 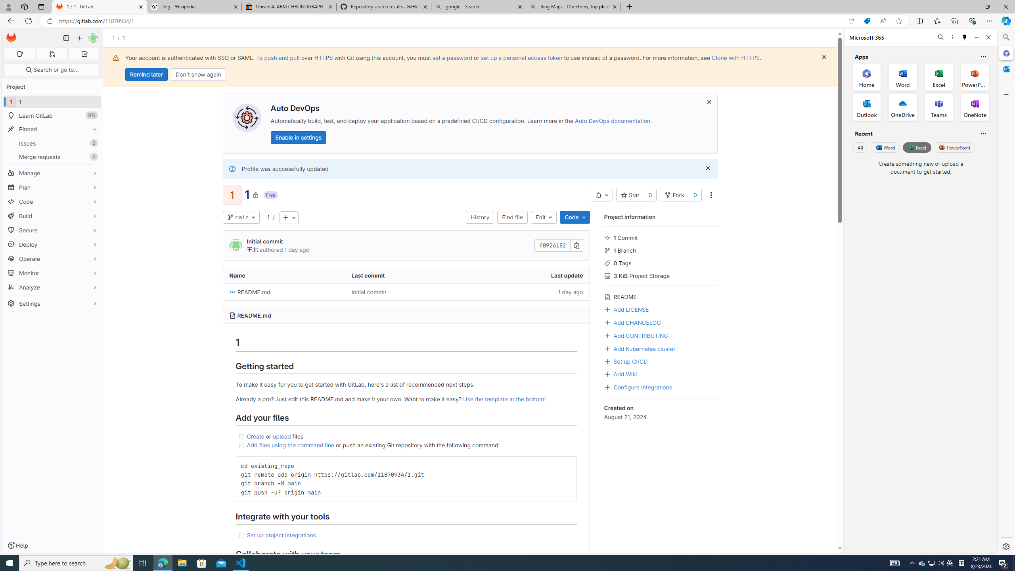 I want to click on 'Homepage', so click(x=11, y=38).